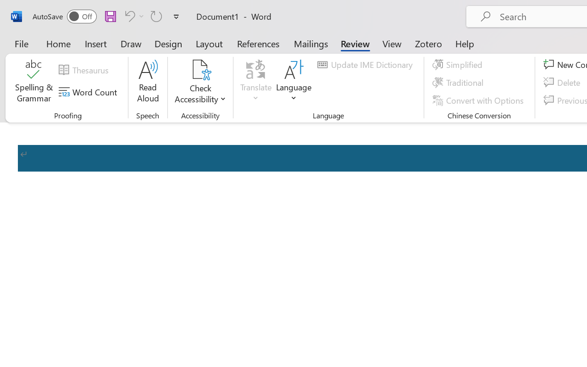 The image size is (587, 367). Describe the element at coordinates (294, 82) in the screenshot. I see `'Language'` at that location.